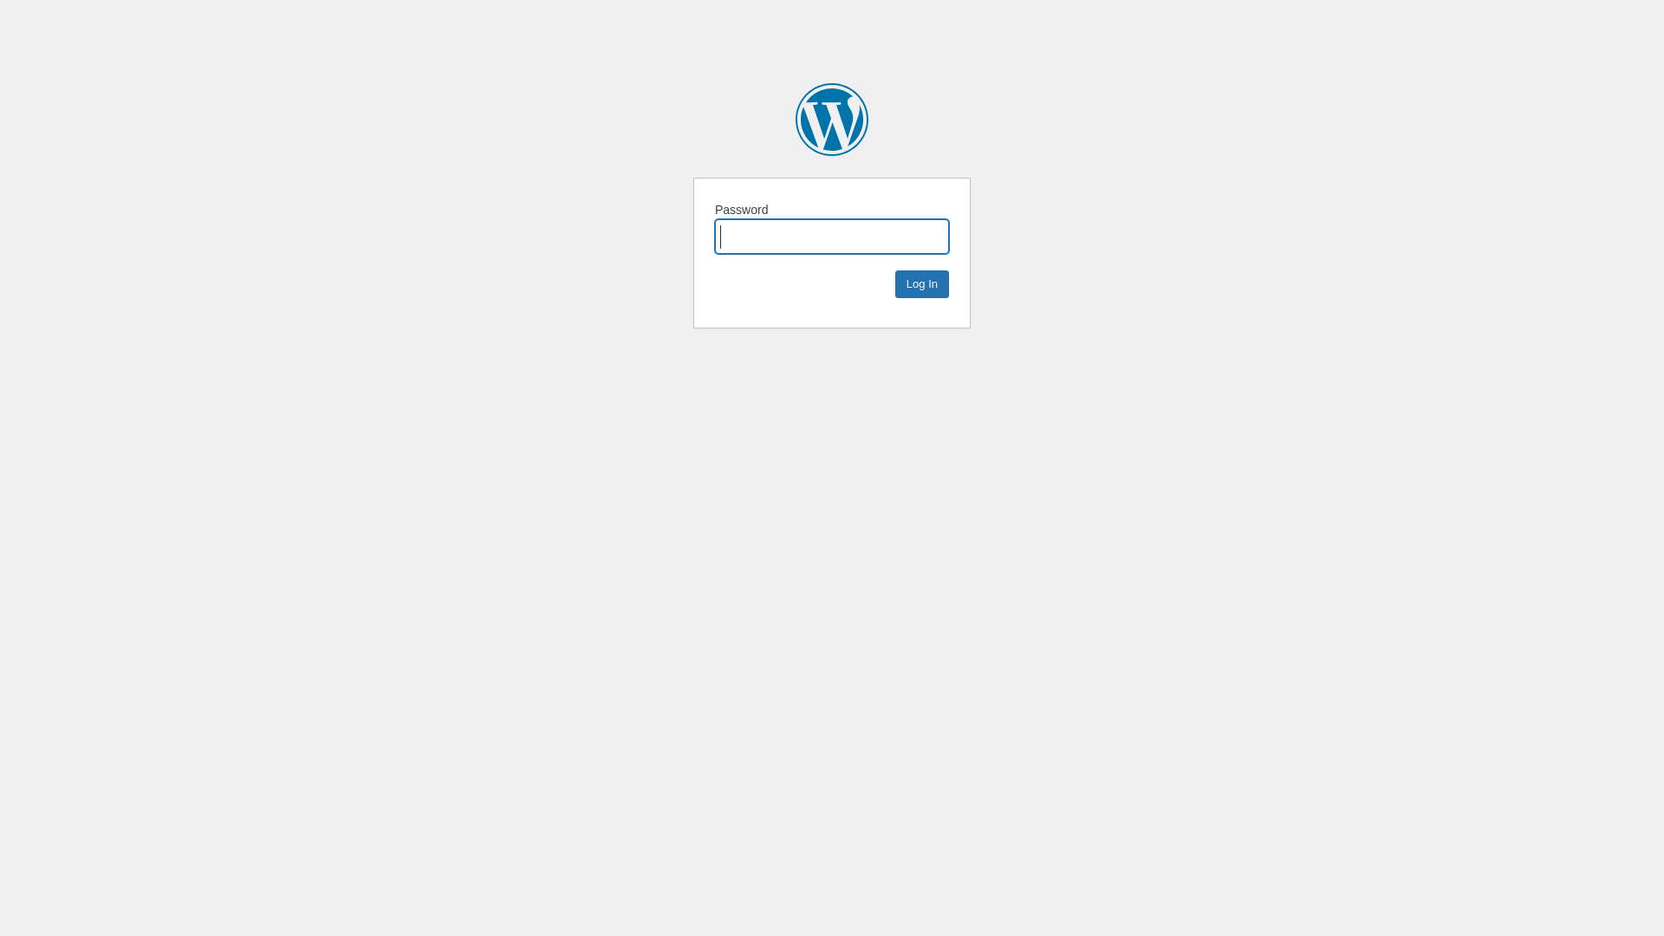 Image resolution: width=1664 pixels, height=936 pixels. What do you see at coordinates (921, 283) in the screenshot?
I see `'Log In'` at bounding box center [921, 283].